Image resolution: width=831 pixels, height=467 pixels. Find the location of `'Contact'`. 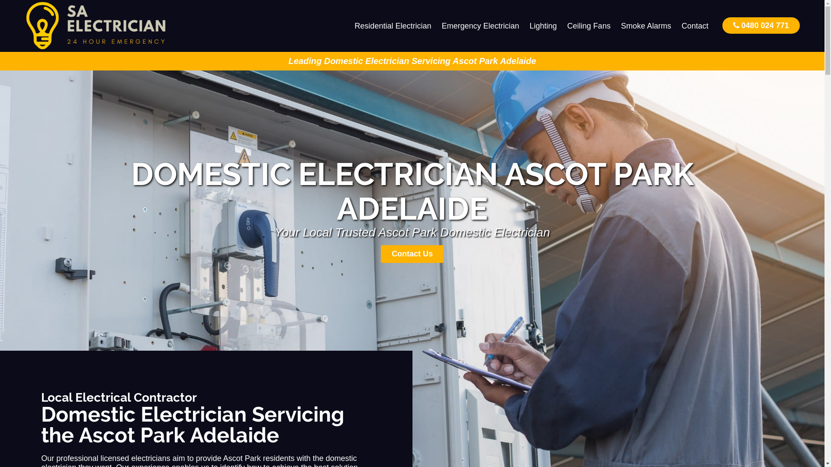

'Contact' is located at coordinates (676, 26).